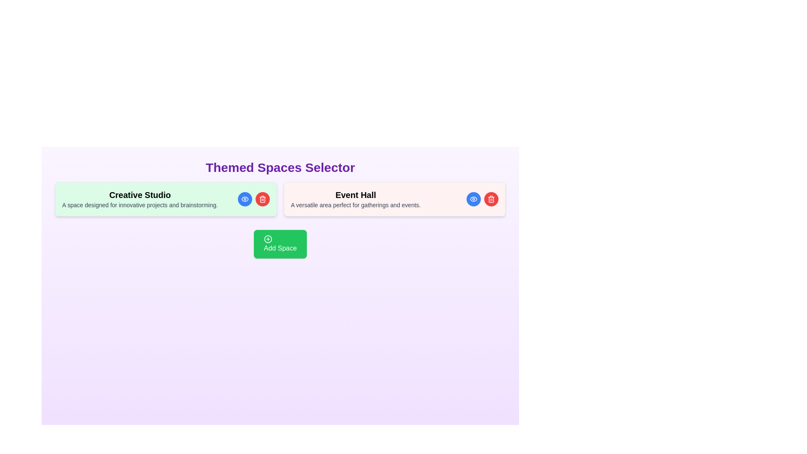  Describe the element at coordinates (474, 199) in the screenshot. I see `the 'Event Hall' button located in the right panel, positioned to the left of the red circular button with a trash icon, for accessibility purposes` at that location.